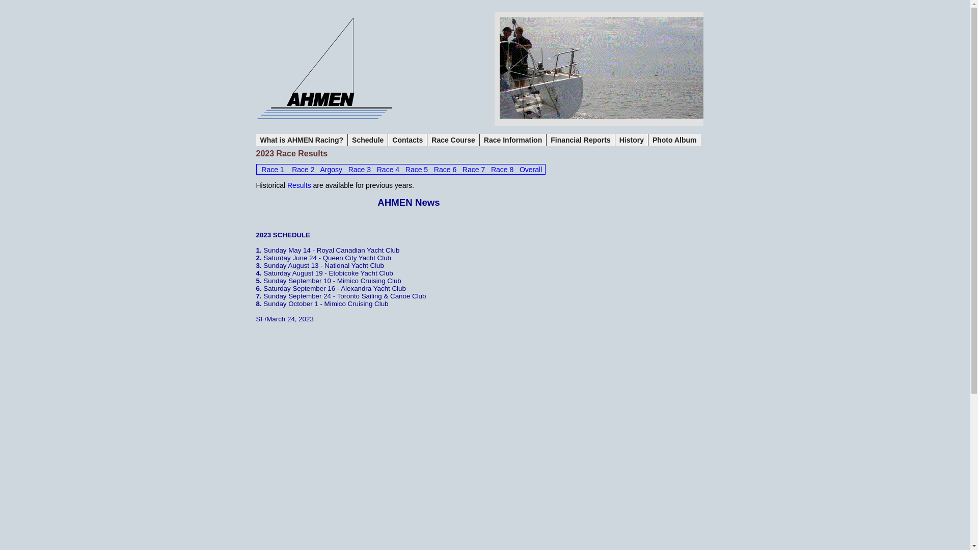  Describe the element at coordinates (674, 140) in the screenshot. I see `'Photo Album'` at that location.